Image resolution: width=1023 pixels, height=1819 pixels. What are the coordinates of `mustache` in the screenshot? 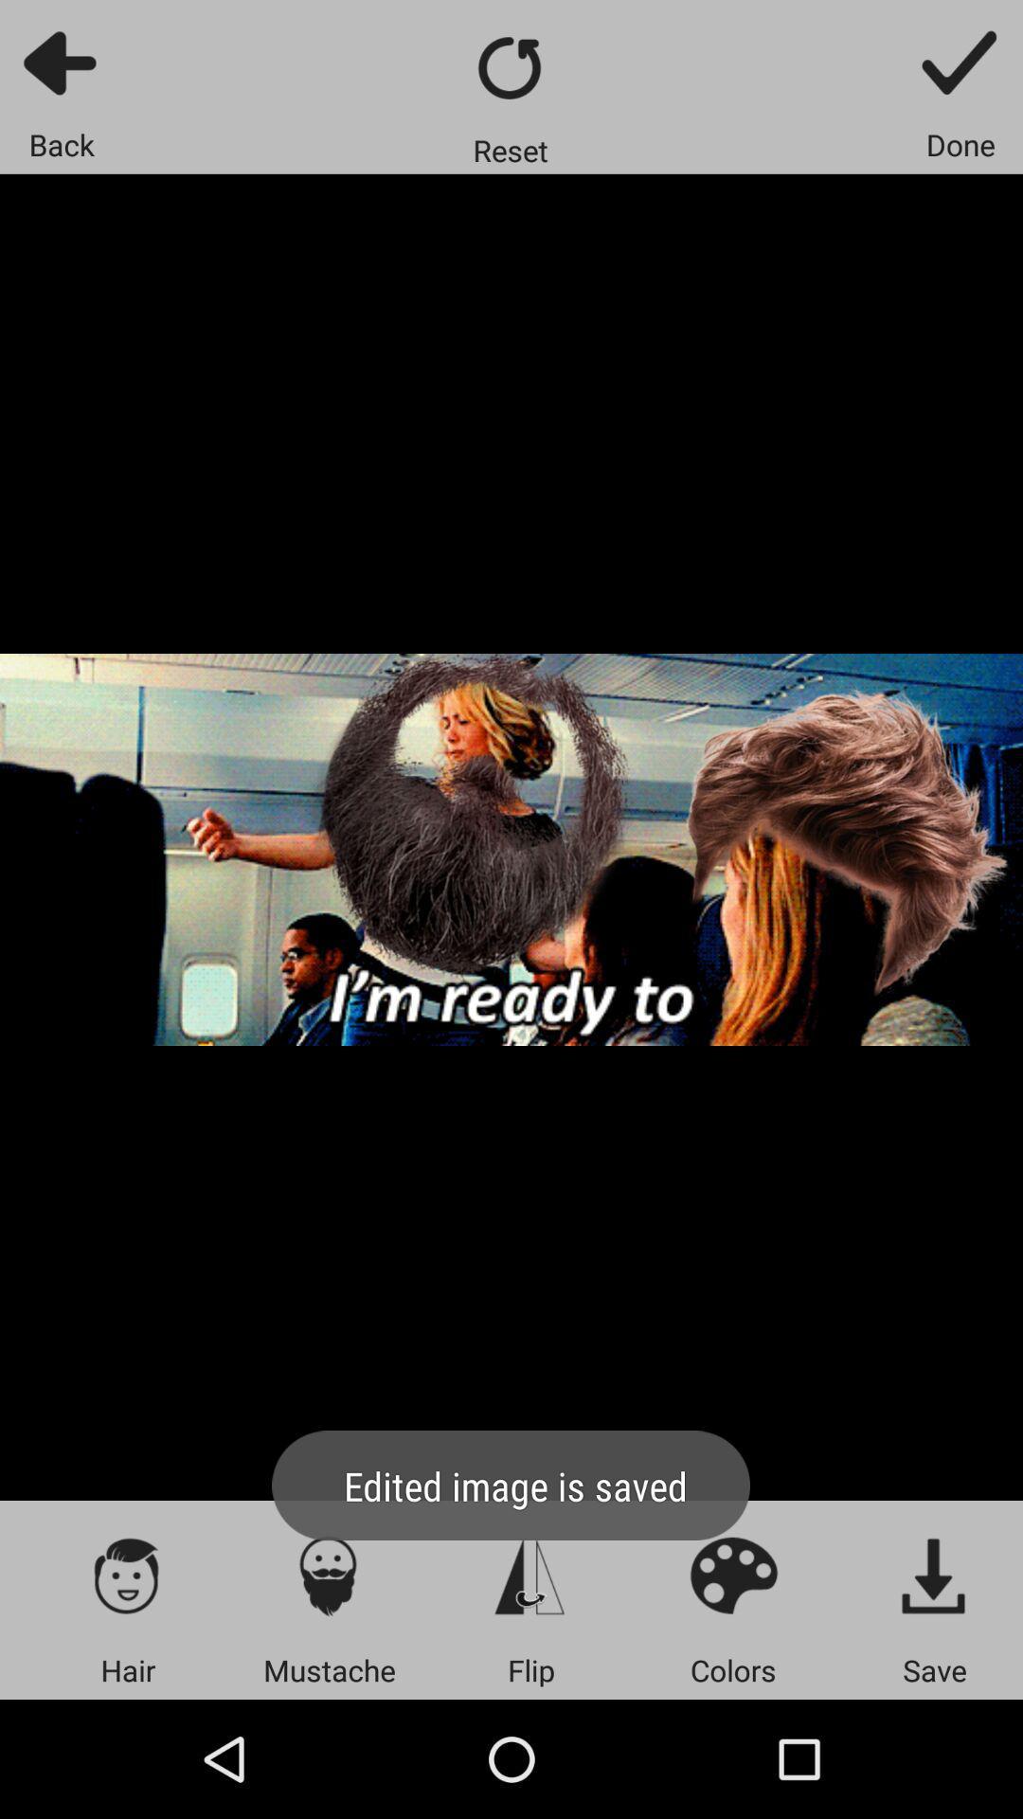 It's located at (328, 1575).